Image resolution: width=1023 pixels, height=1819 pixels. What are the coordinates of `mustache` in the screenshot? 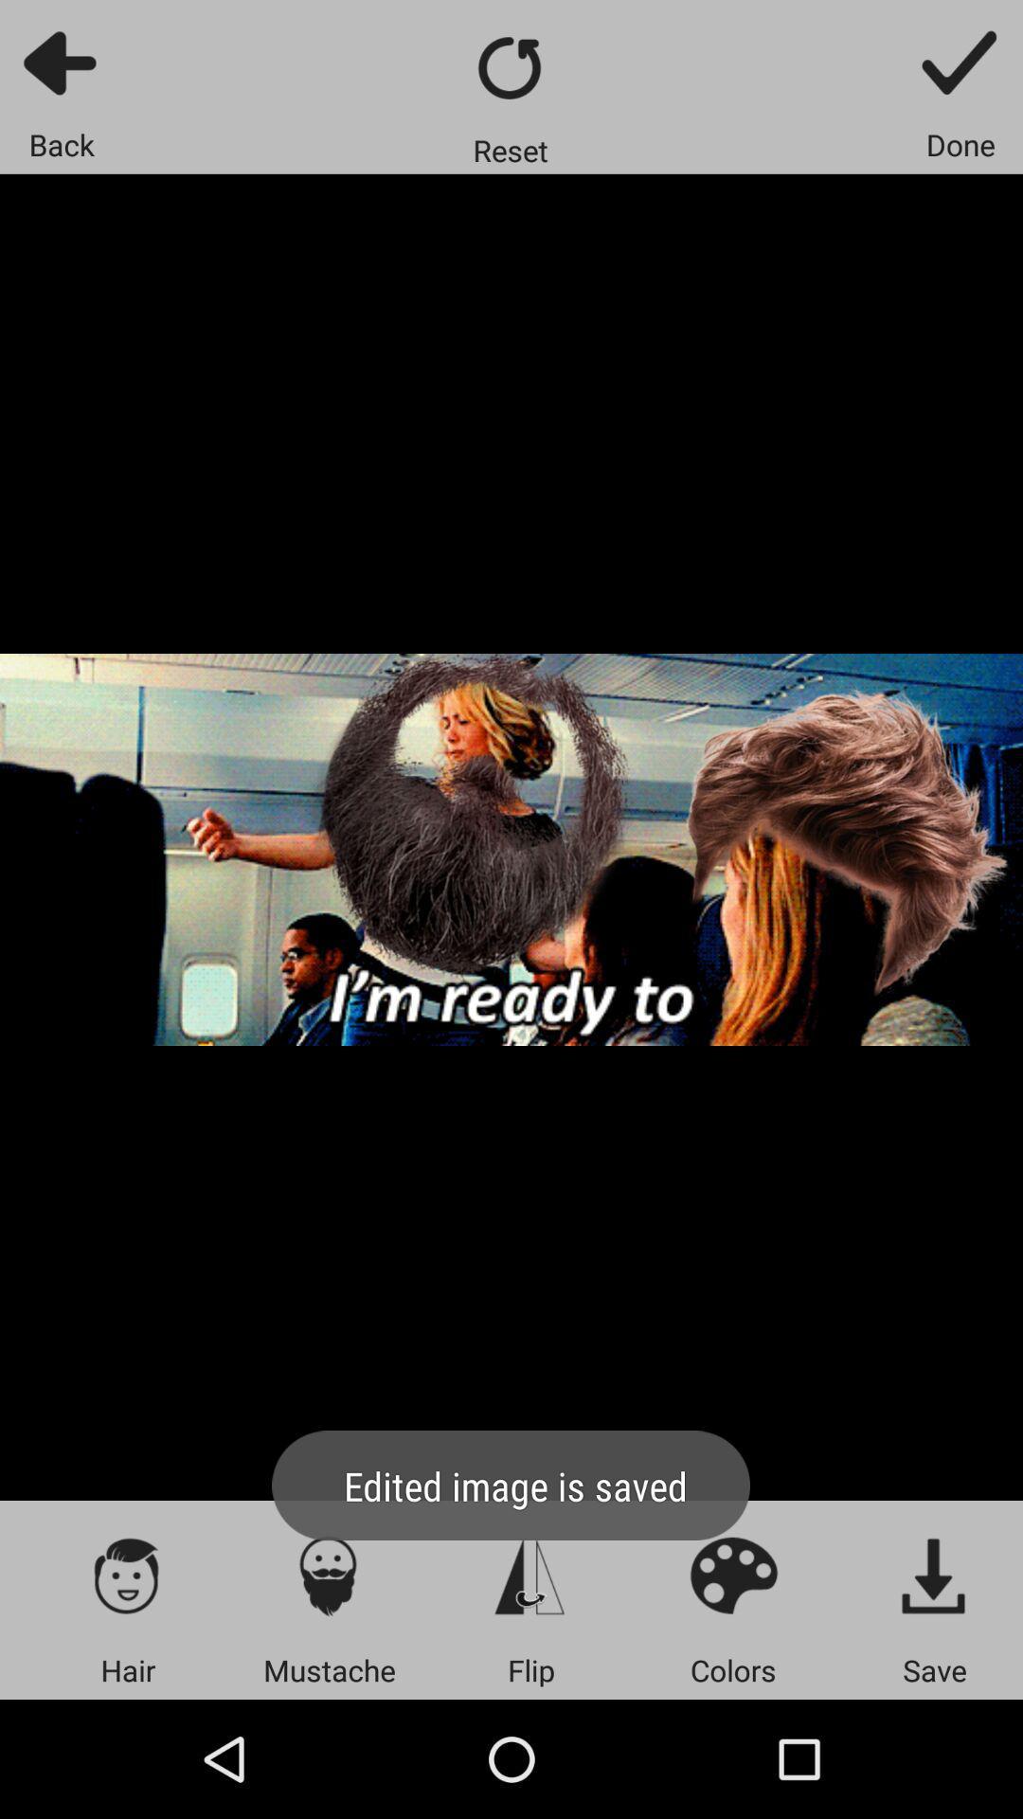 It's located at (328, 1575).